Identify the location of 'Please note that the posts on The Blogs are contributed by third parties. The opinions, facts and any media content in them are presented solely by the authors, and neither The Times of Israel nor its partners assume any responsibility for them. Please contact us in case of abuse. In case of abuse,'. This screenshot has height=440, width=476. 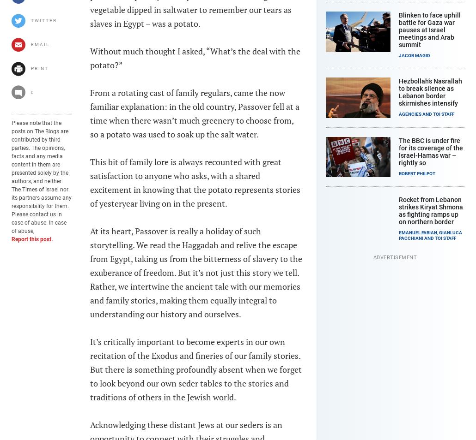
(12, 177).